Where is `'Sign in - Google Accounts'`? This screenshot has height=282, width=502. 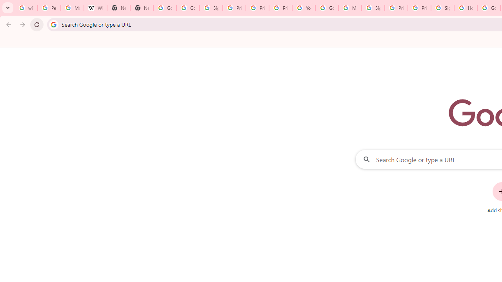 'Sign in - Google Accounts' is located at coordinates (442, 8).